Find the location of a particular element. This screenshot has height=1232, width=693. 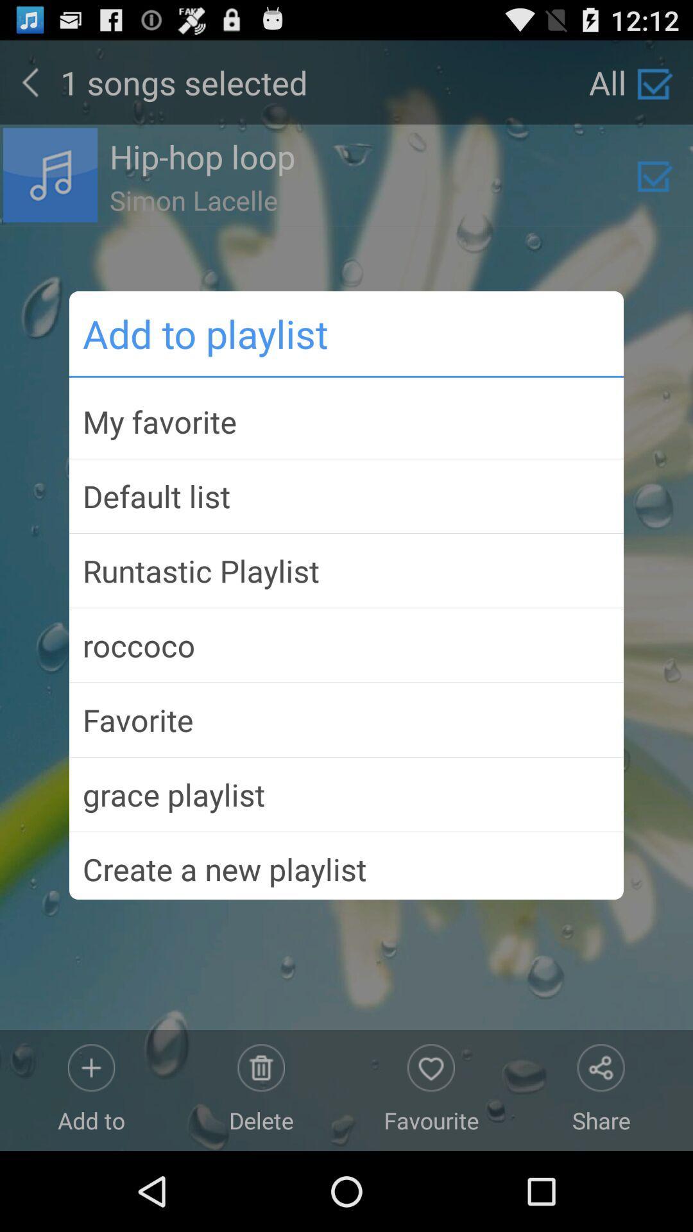

create a new app is located at coordinates (346, 864).